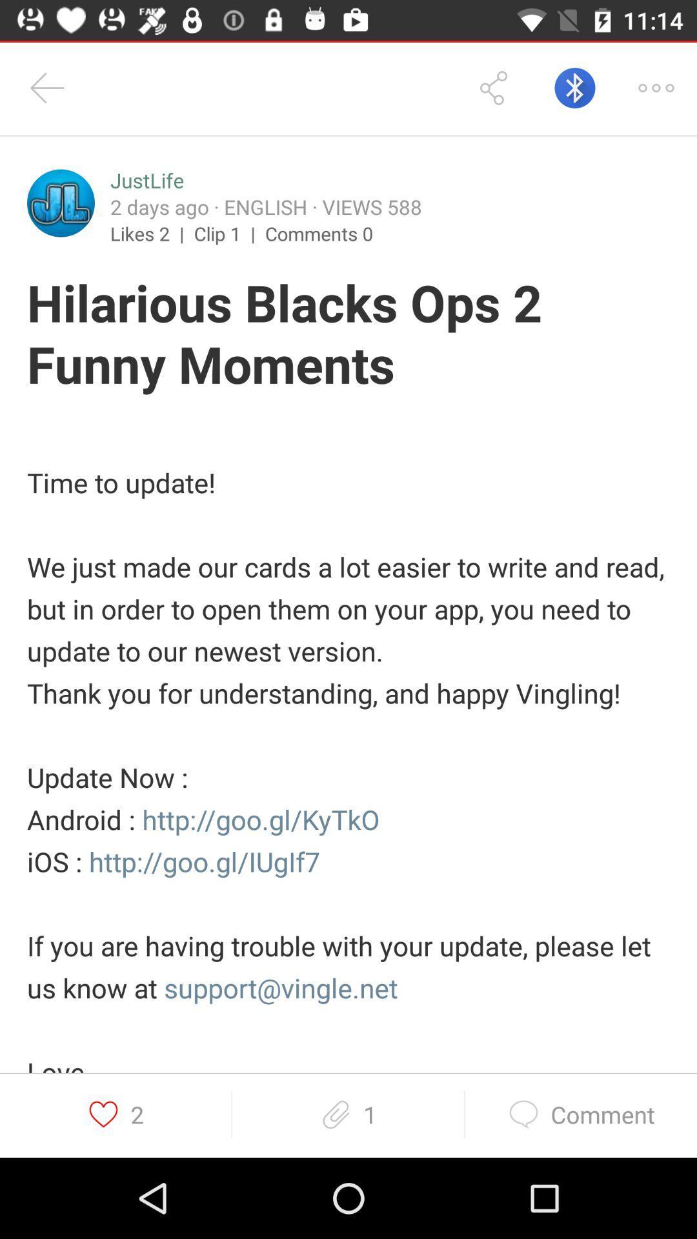  Describe the element at coordinates (61, 203) in the screenshot. I see `icon above hilarious blacks ops icon` at that location.